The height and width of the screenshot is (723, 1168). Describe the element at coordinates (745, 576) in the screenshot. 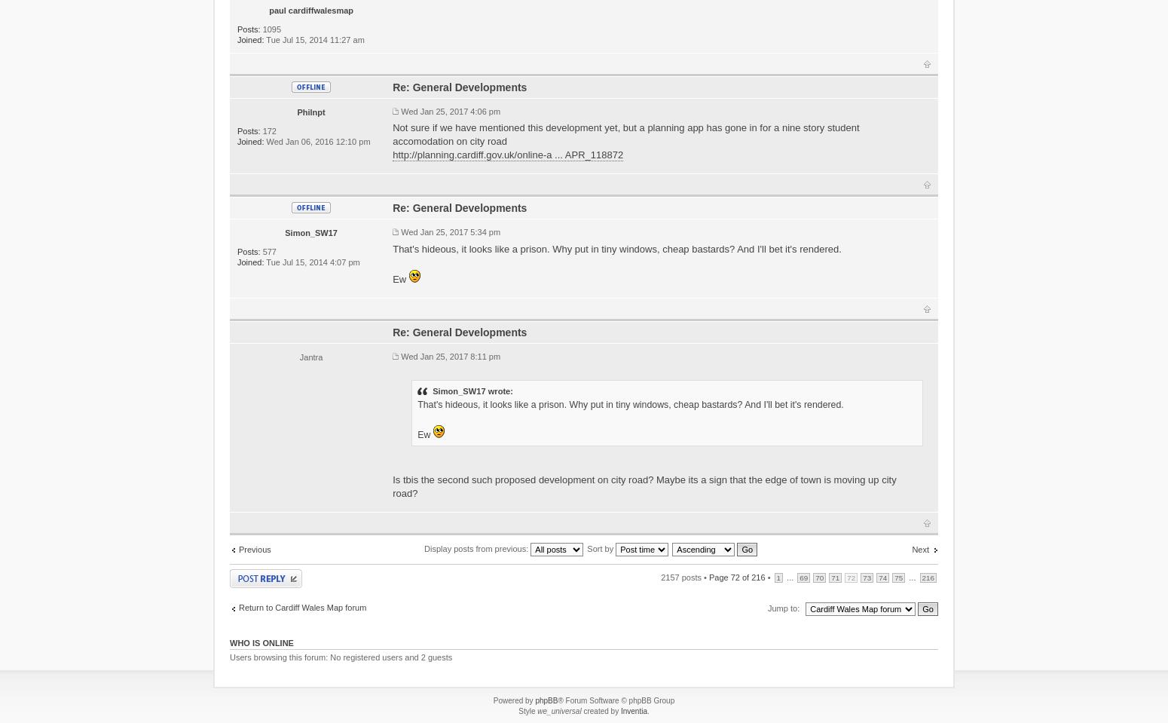

I see `'of'` at that location.